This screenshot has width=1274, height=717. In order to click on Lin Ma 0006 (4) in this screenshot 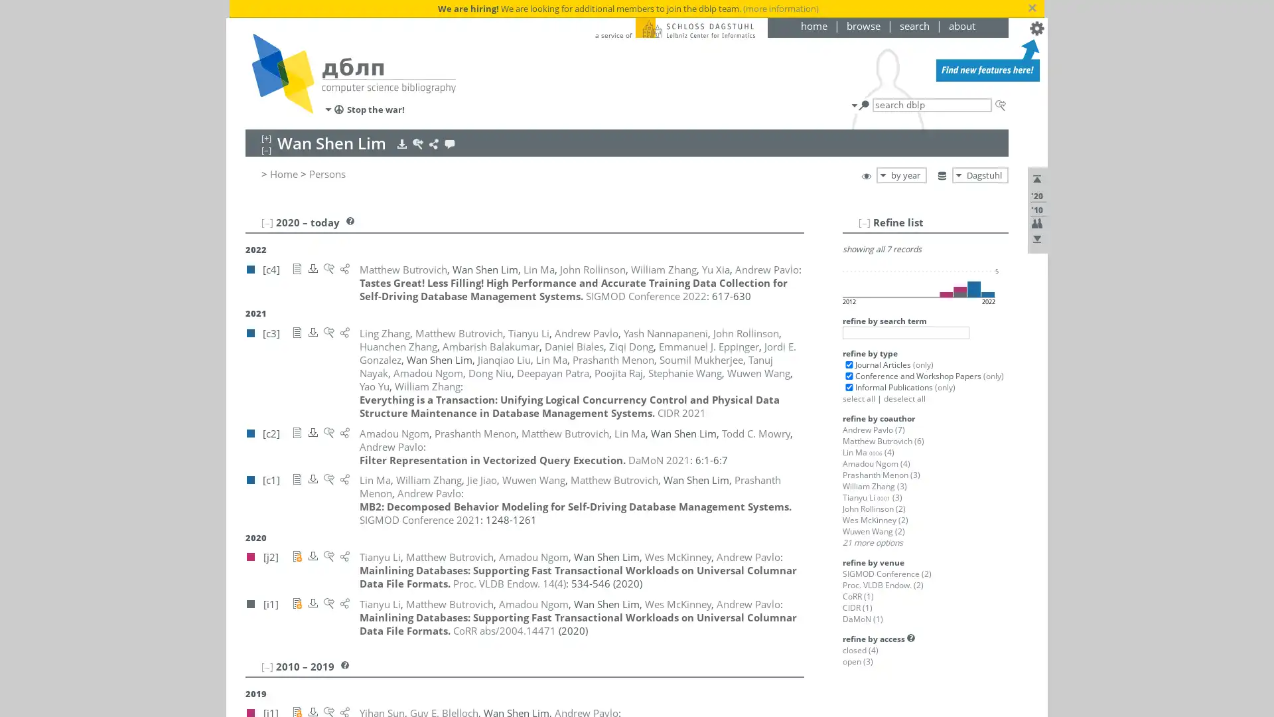, I will do `click(869, 451)`.